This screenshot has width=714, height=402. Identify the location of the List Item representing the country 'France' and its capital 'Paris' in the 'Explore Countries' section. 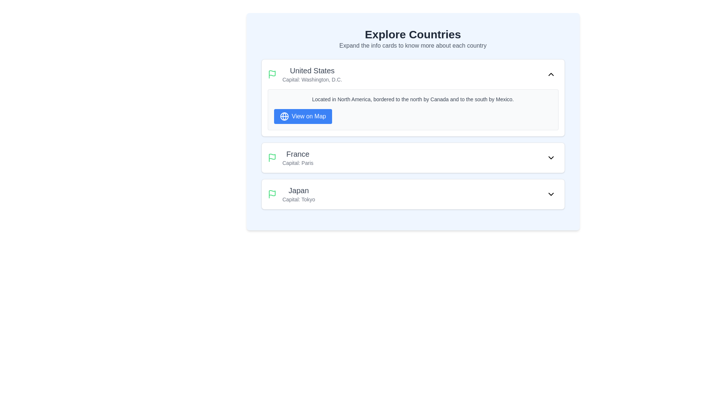
(290, 157).